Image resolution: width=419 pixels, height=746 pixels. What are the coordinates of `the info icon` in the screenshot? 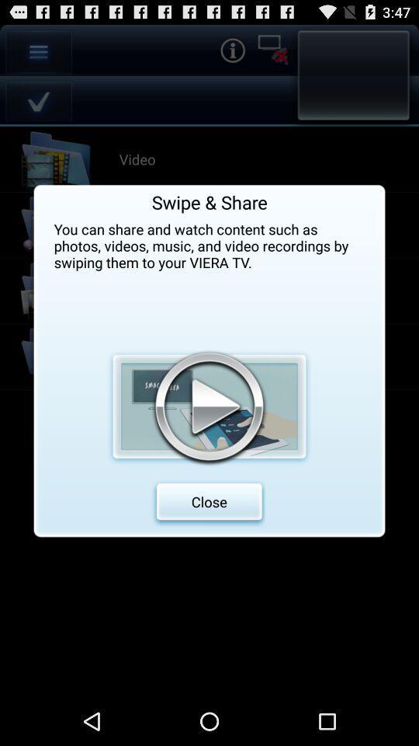 It's located at (231, 53).